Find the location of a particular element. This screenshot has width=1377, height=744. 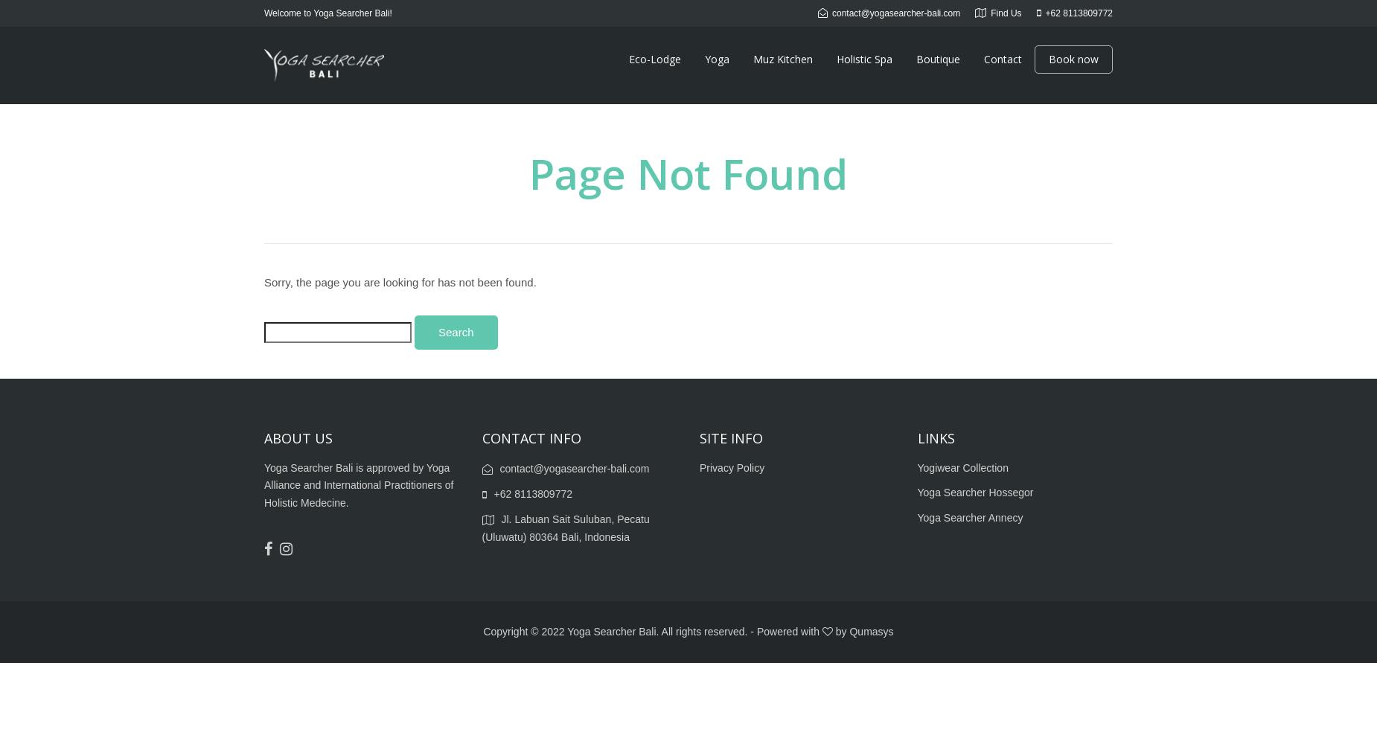

'Eco-Lodge' is located at coordinates (655, 58).